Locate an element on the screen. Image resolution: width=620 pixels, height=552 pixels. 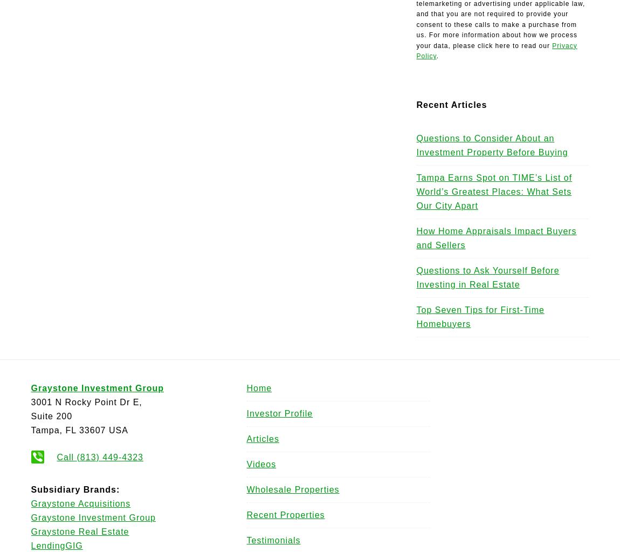
'Recent Properties' is located at coordinates (285, 514).